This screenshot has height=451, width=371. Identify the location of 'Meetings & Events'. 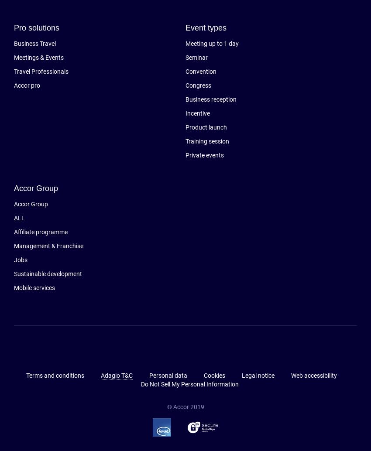
(38, 58).